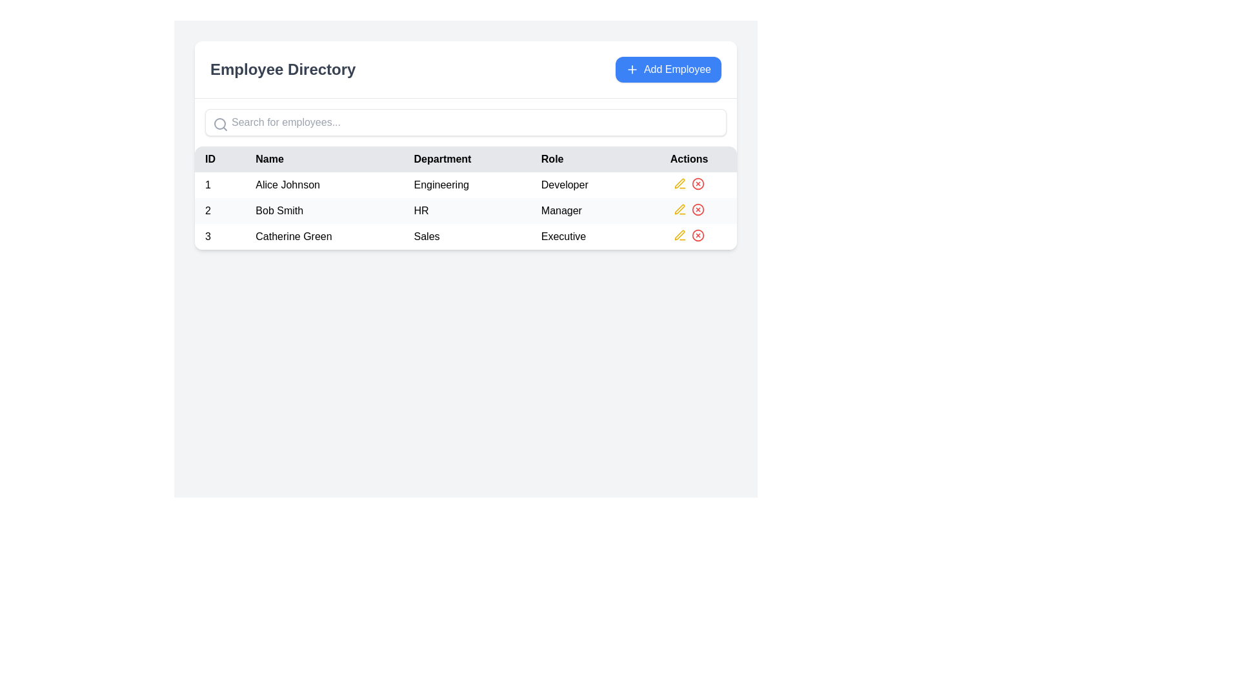 The width and height of the screenshot is (1239, 697). Describe the element at coordinates (669, 70) in the screenshot. I see `the button used to add a new employee to the directory by` at that location.